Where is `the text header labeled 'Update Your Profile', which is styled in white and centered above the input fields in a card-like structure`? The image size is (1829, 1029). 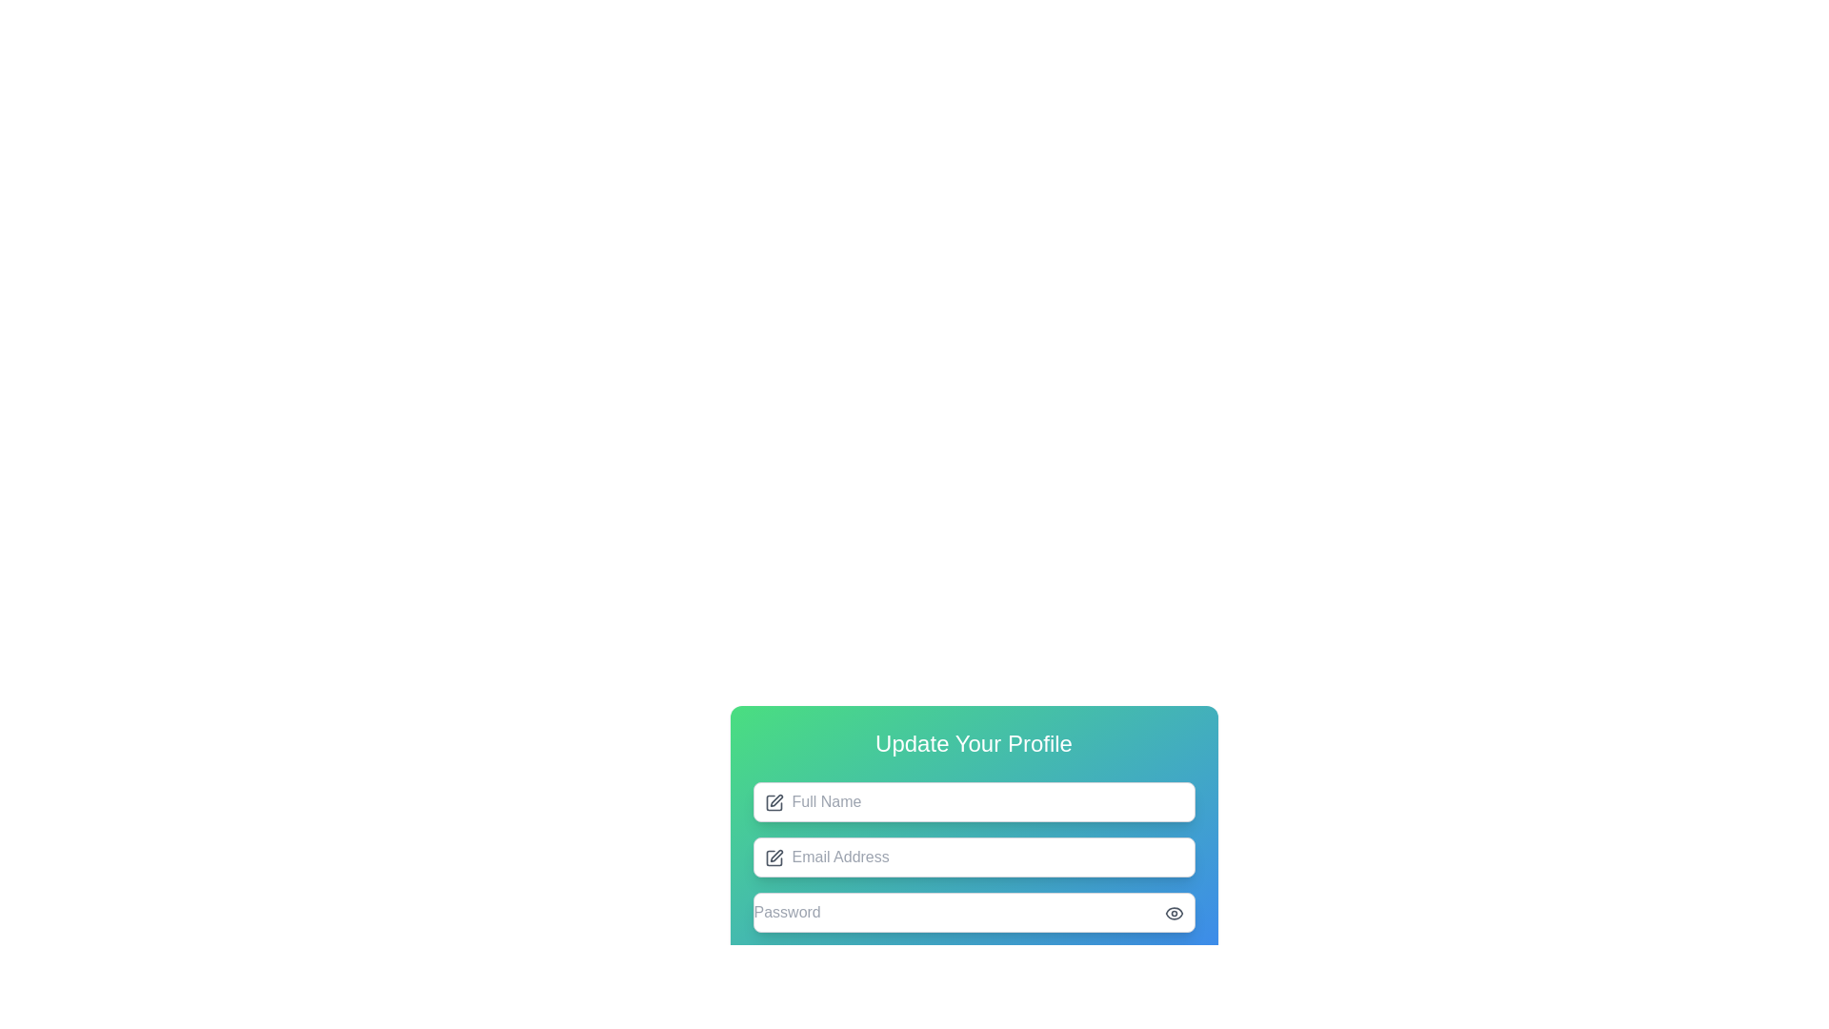
the text header labeled 'Update Your Profile', which is styled in white and centered above the input fields in a card-like structure is located at coordinates (974, 742).